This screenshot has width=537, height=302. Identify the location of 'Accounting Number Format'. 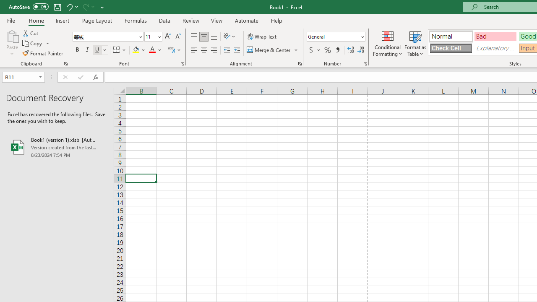
(310, 50).